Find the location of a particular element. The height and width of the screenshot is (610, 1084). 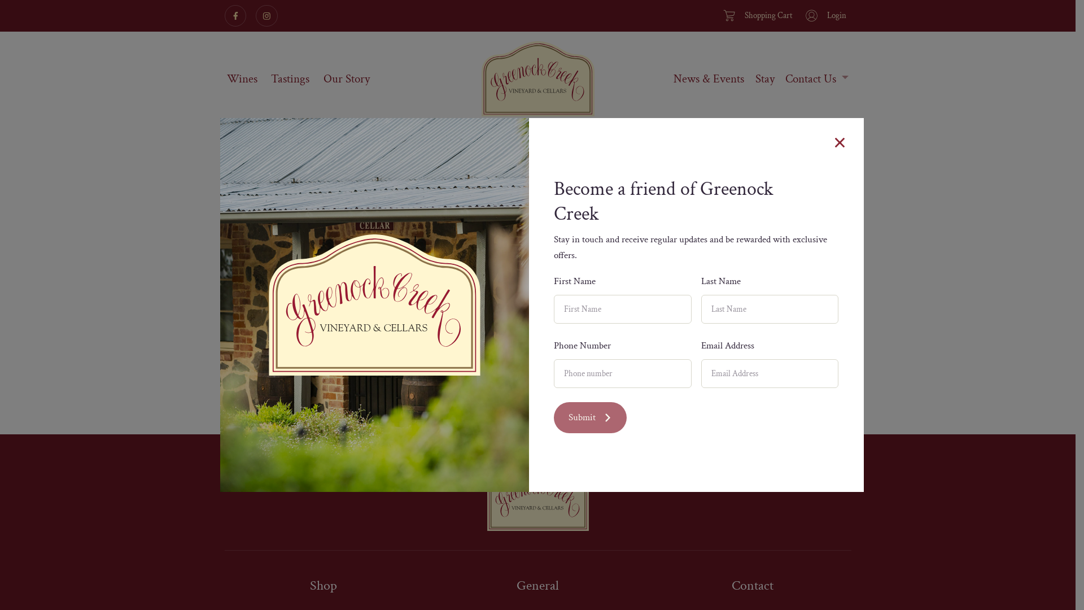

'Tastings' is located at coordinates (268, 78).